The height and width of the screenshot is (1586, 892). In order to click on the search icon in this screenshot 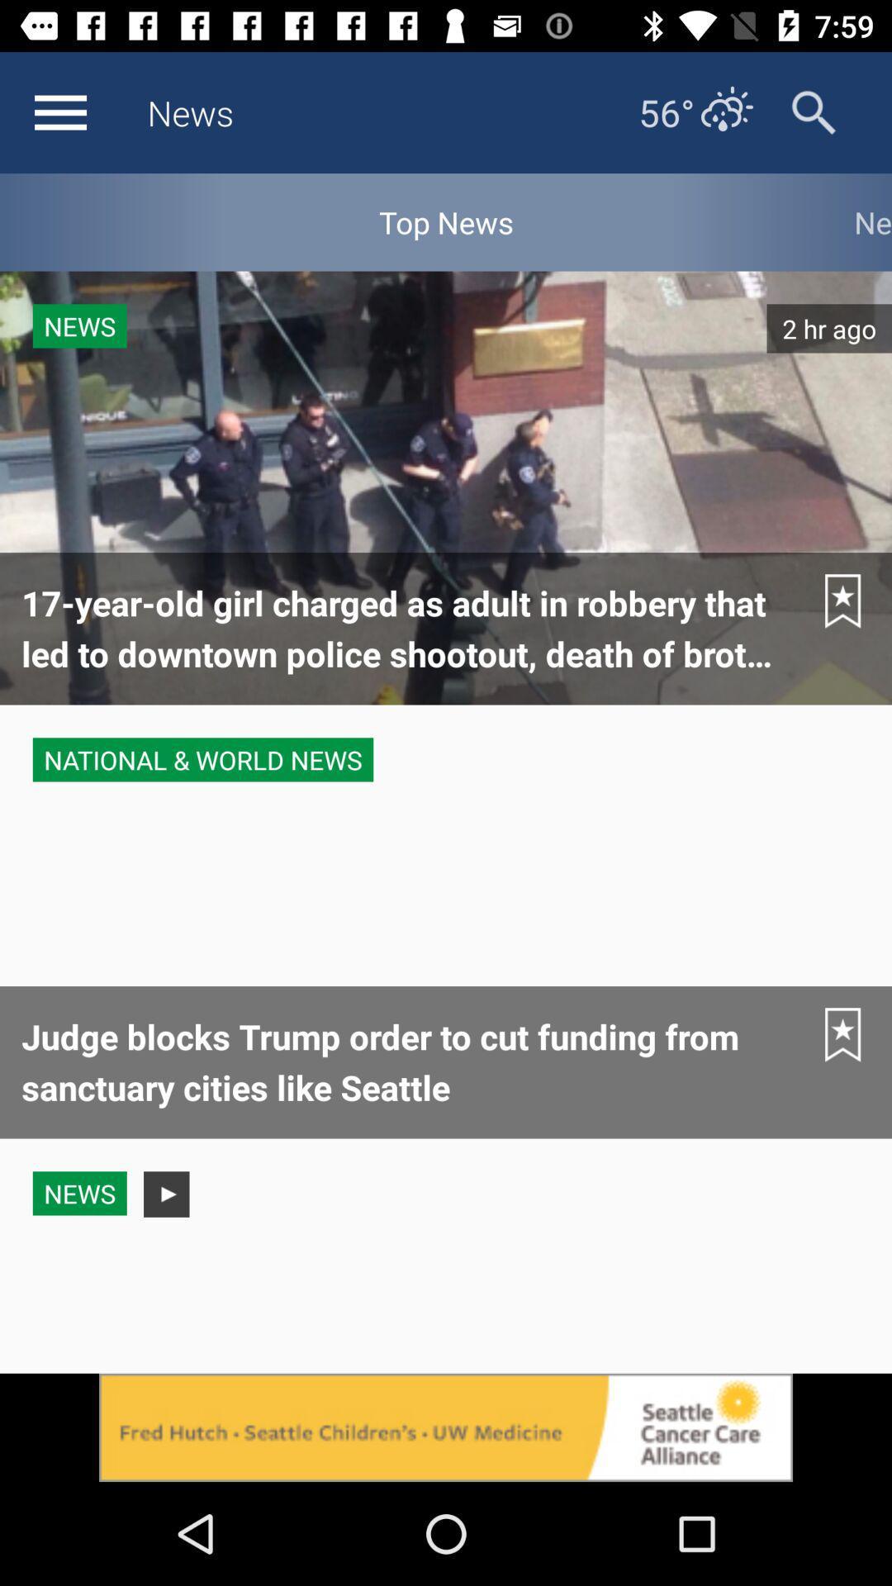, I will do `click(813, 112)`.